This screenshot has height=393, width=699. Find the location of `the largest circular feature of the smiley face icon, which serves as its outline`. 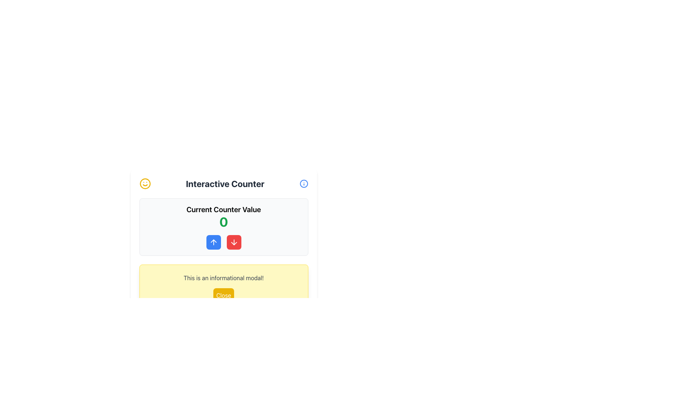

the largest circular feature of the smiley face icon, which serves as its outline is located at coordinates (145, 183).